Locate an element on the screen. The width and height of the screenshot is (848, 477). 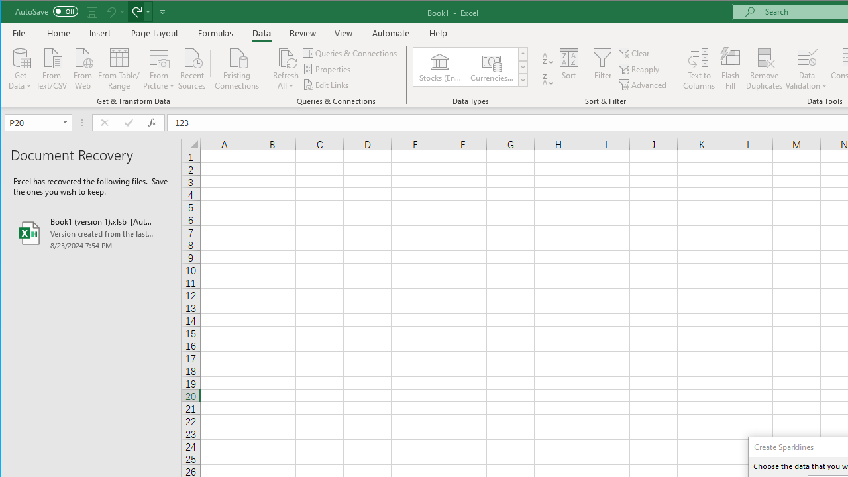
'Refresh All' is located at coordinates (286, 69).